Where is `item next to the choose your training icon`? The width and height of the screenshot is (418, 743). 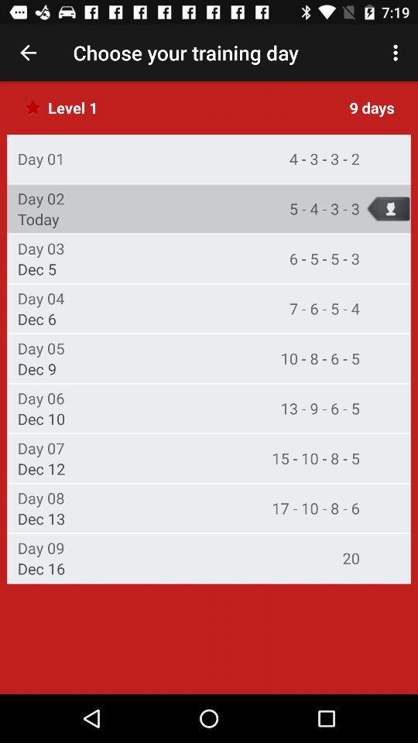 item next to the choose your training icon is located at coordinates (397, 53).